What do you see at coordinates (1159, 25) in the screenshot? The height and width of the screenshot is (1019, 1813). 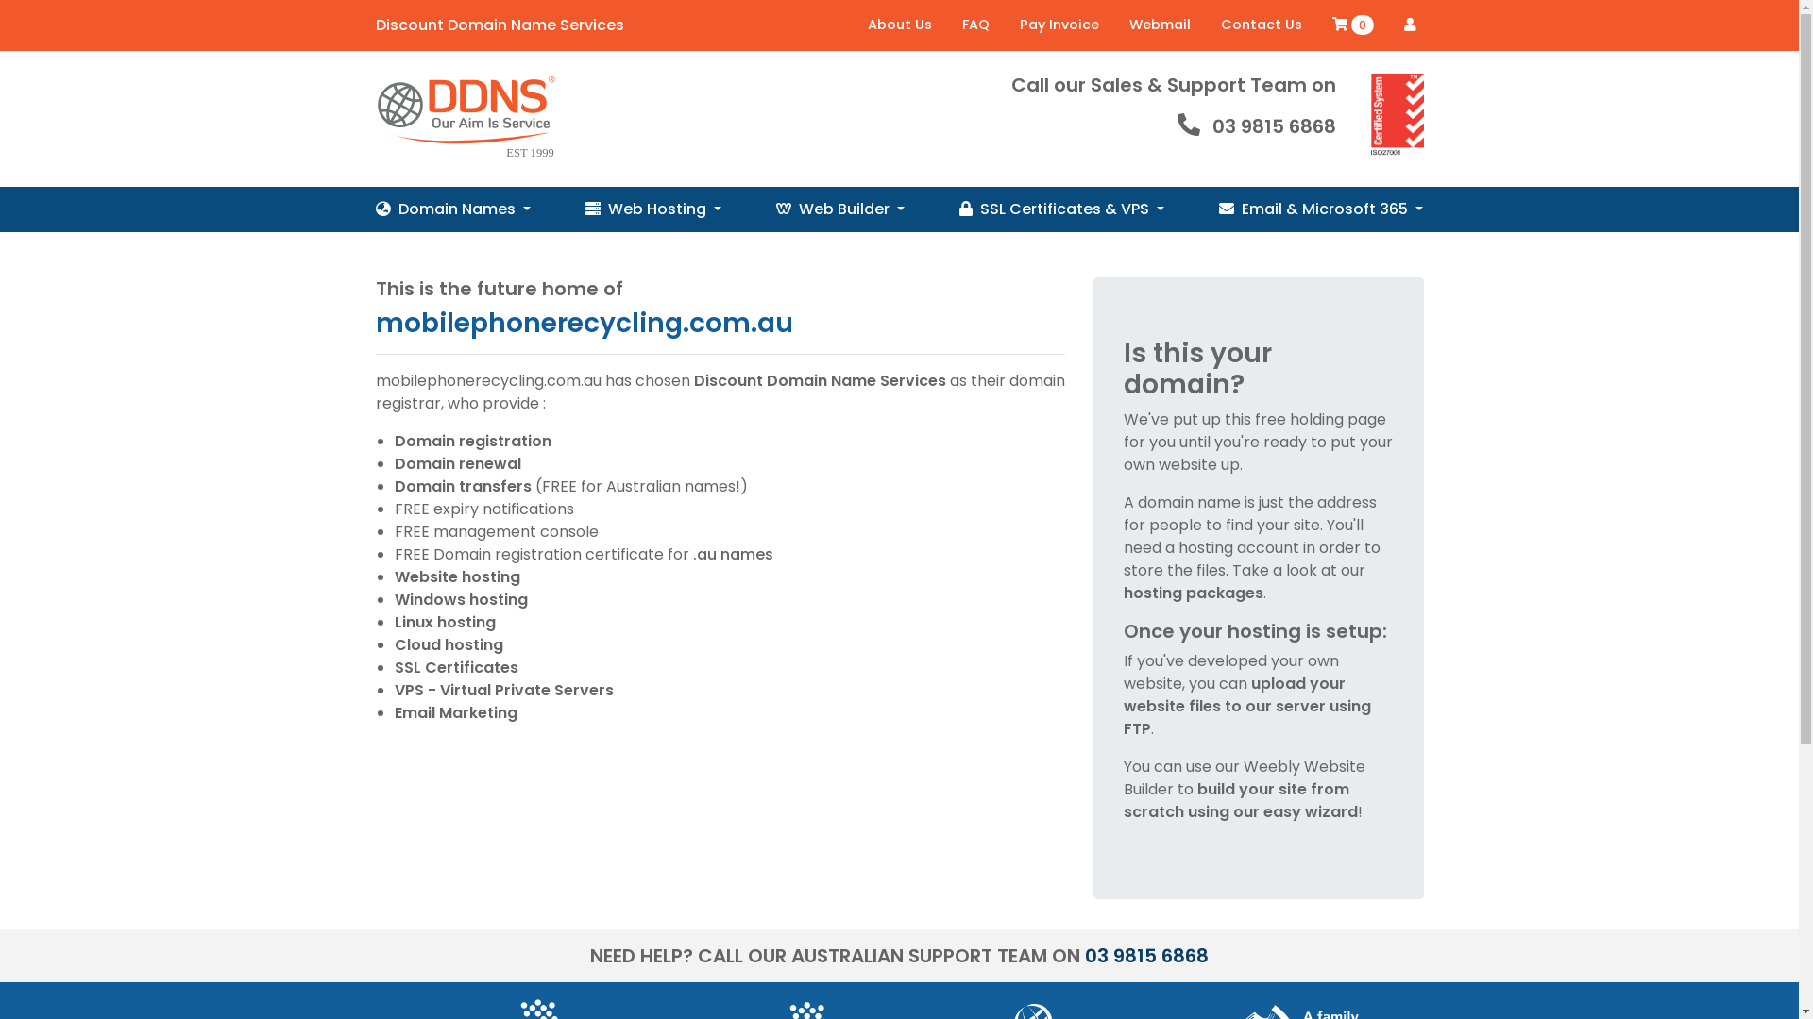 I see `'Webmail'` at bounding box center [1159, 25].